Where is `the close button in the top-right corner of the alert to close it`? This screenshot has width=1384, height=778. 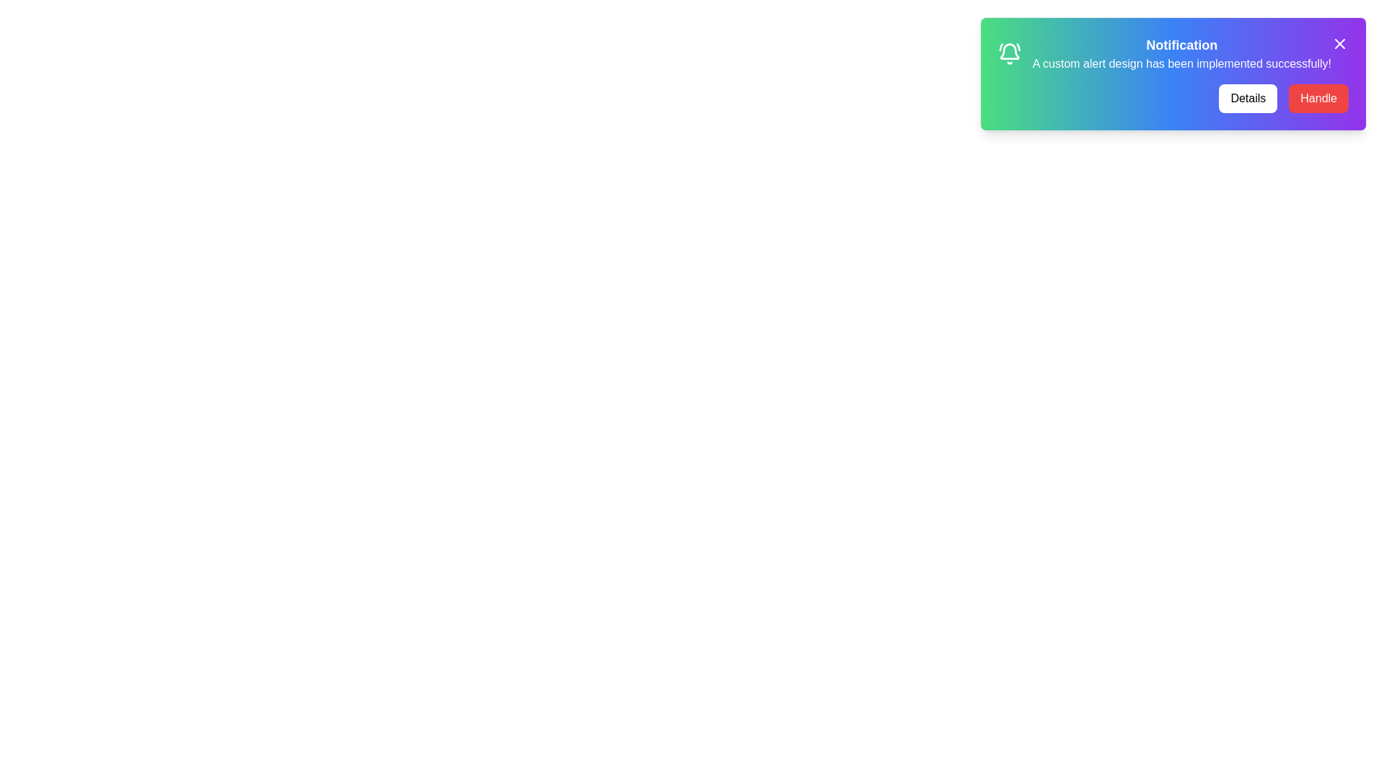
the close button in the top-right corner of the alert to close it is located at coordinates (1339, 43).